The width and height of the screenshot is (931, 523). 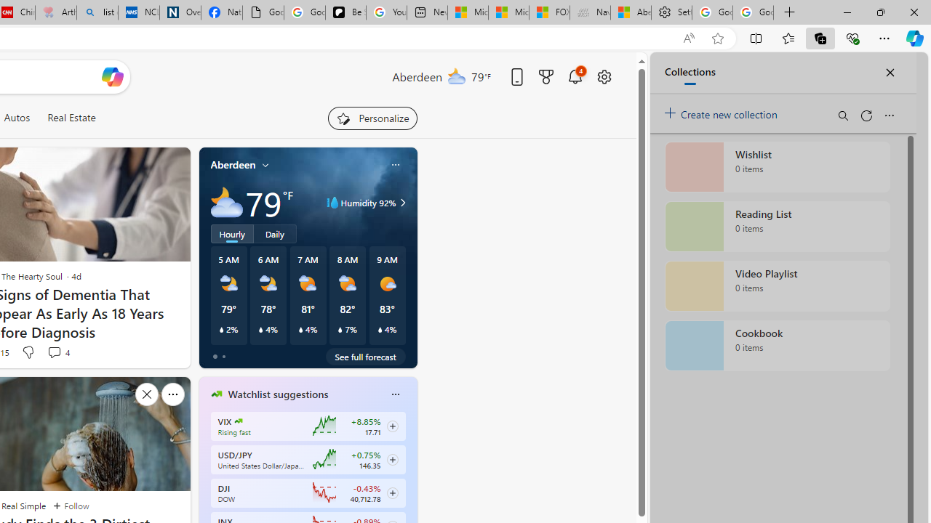 What do you see at coordinates (223, 357) in the screenshot?
I see `'tab-1'` at bounding box center [223, 357].